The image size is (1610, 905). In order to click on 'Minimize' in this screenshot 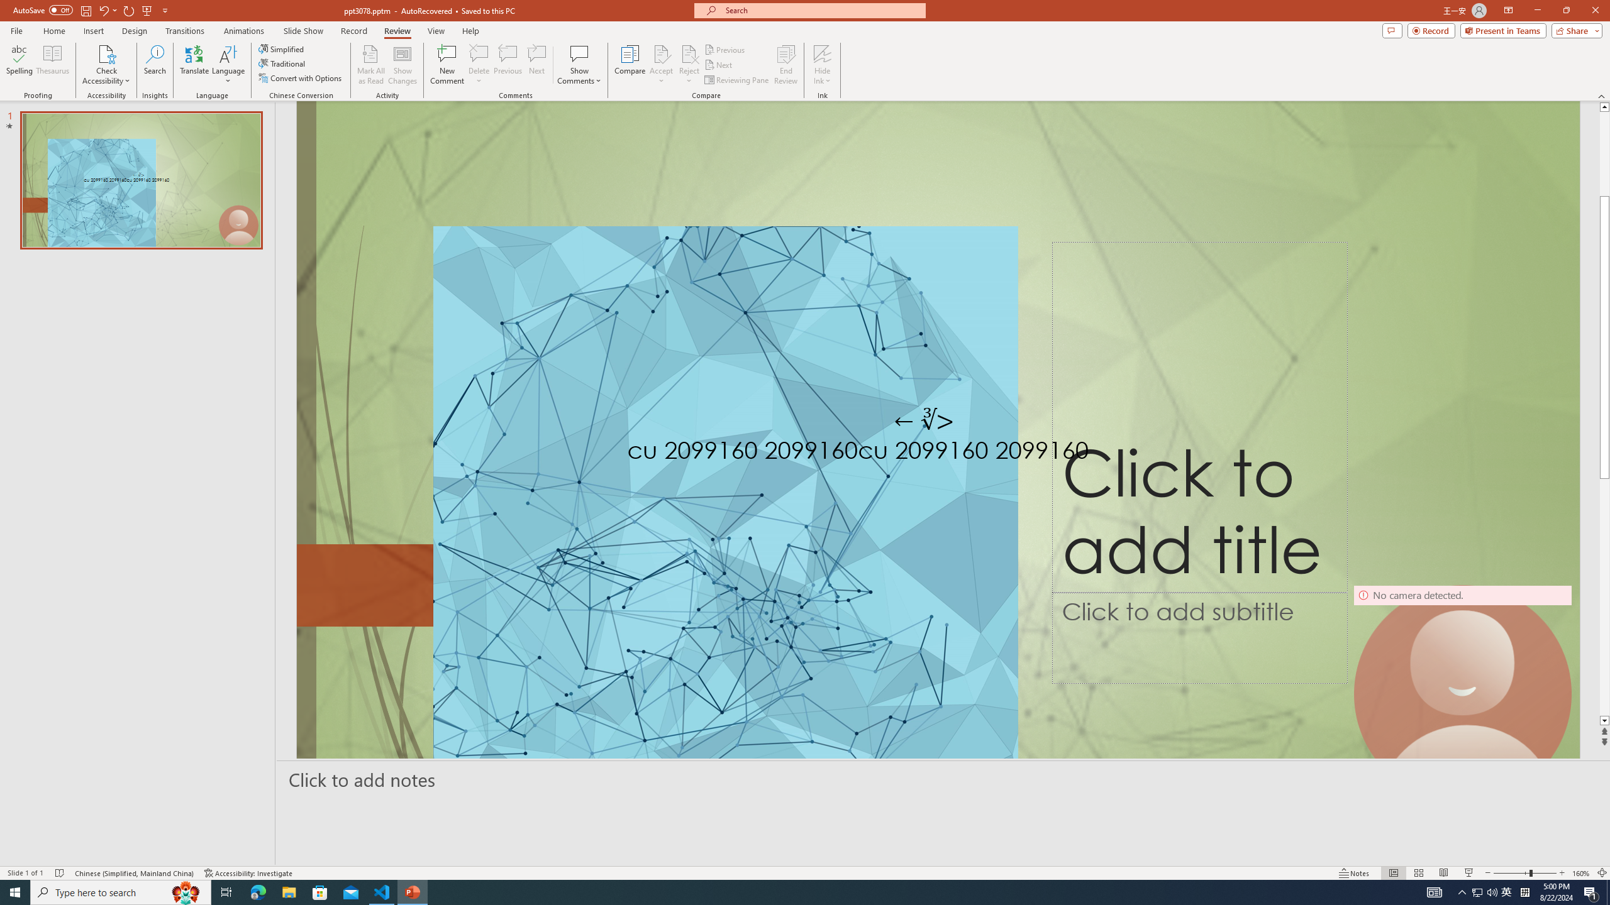, I will do `click(1536, 10)`.